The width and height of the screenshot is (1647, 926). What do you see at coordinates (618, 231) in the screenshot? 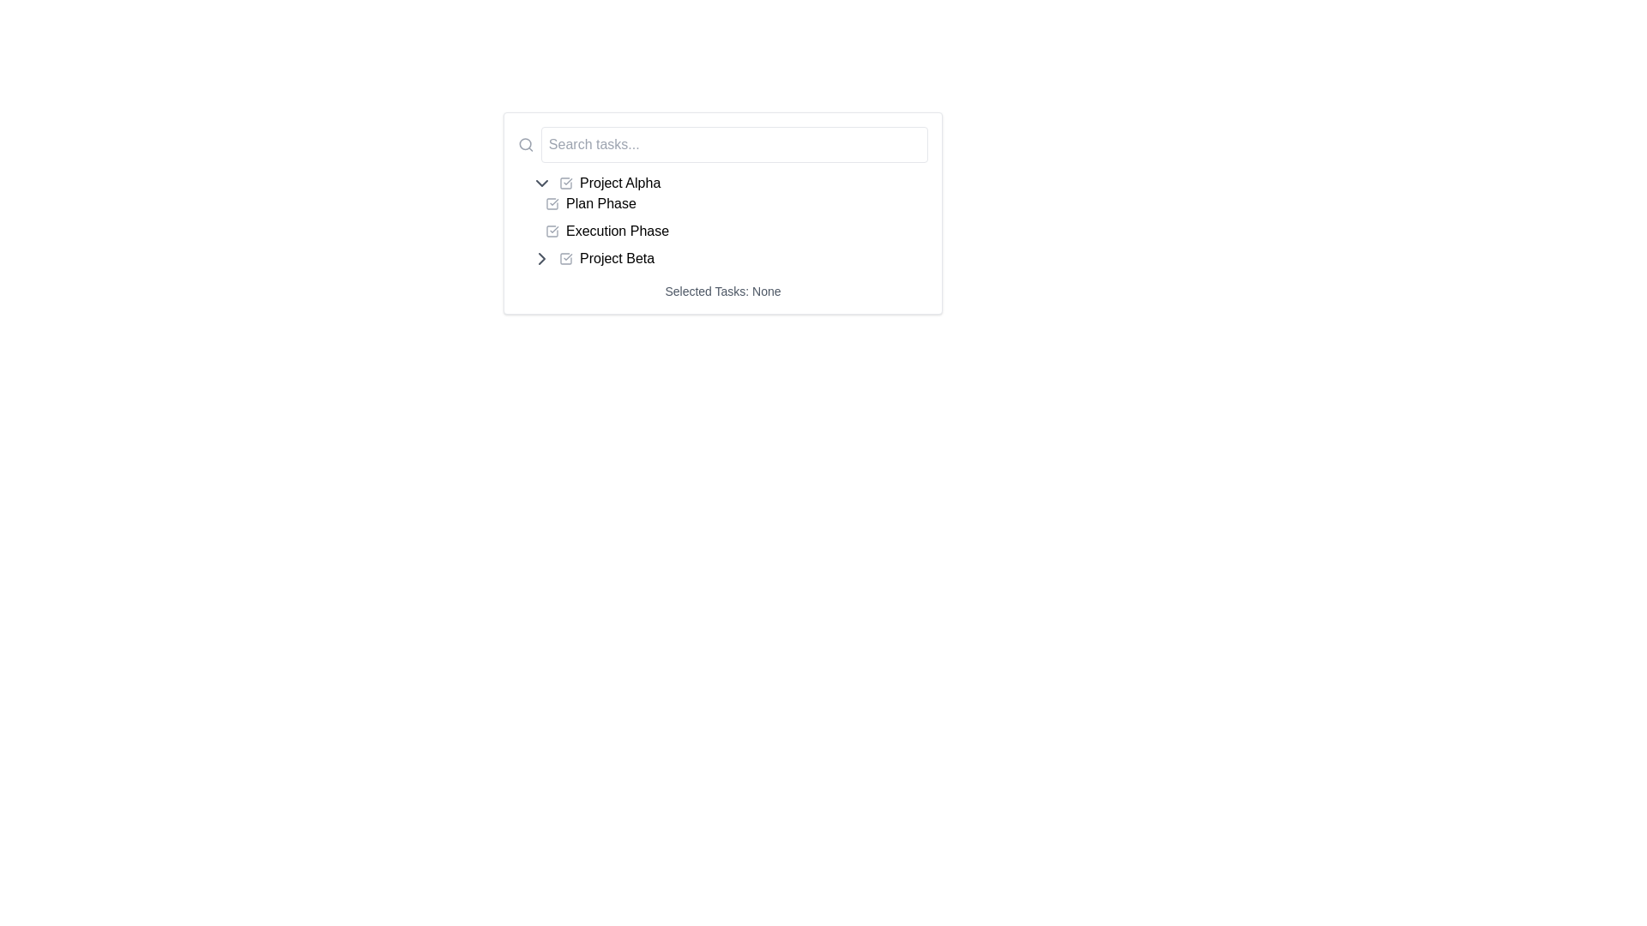
I see `the text label indicating the task phase within the project task breakdown, which is located near the center-right of the task tree under 'Project Alpha.'` at bounding box center [618, 231].